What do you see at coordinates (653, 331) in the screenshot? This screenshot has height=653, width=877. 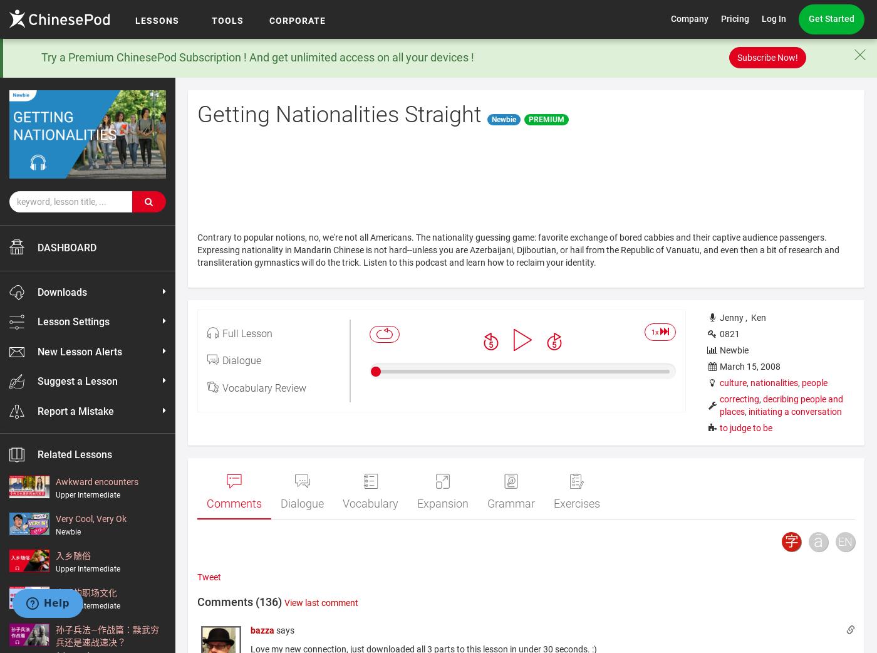 I see `'1'` at bounding box center [653, 331].